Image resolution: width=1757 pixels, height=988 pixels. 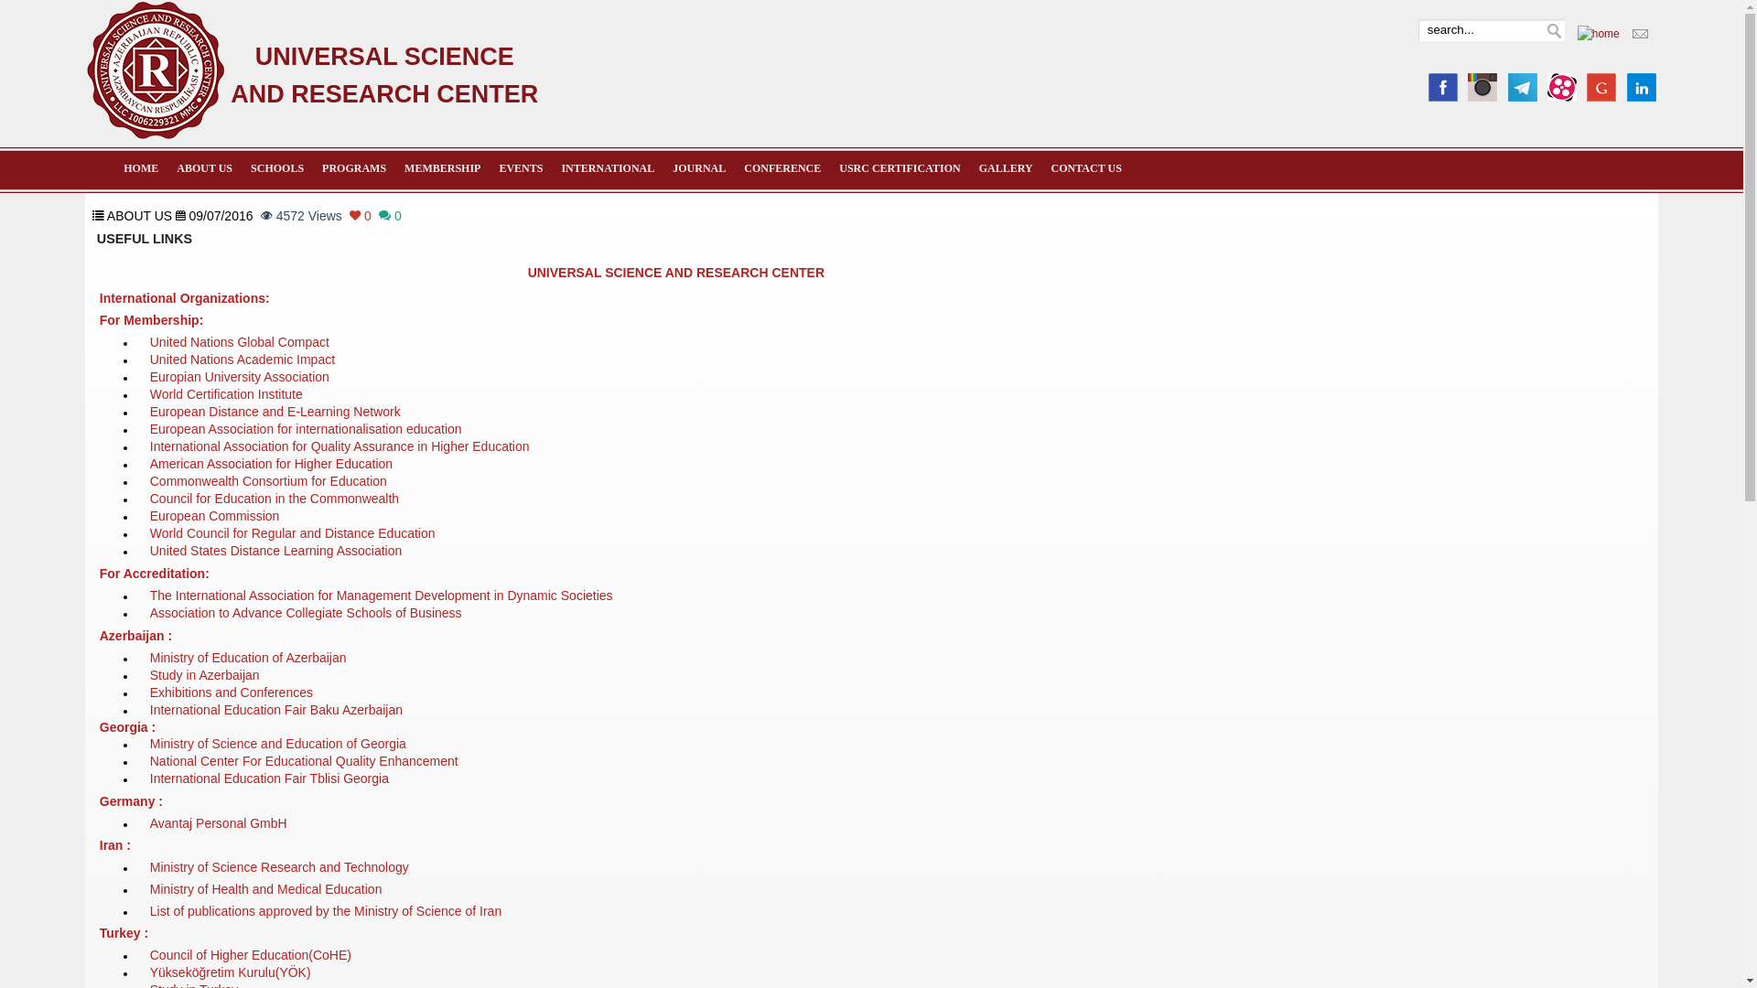 What do you see at coordinates (607, 168) in the screenshot?
I see `'INTERNATIONAL'` at bounding box center [607, 168].